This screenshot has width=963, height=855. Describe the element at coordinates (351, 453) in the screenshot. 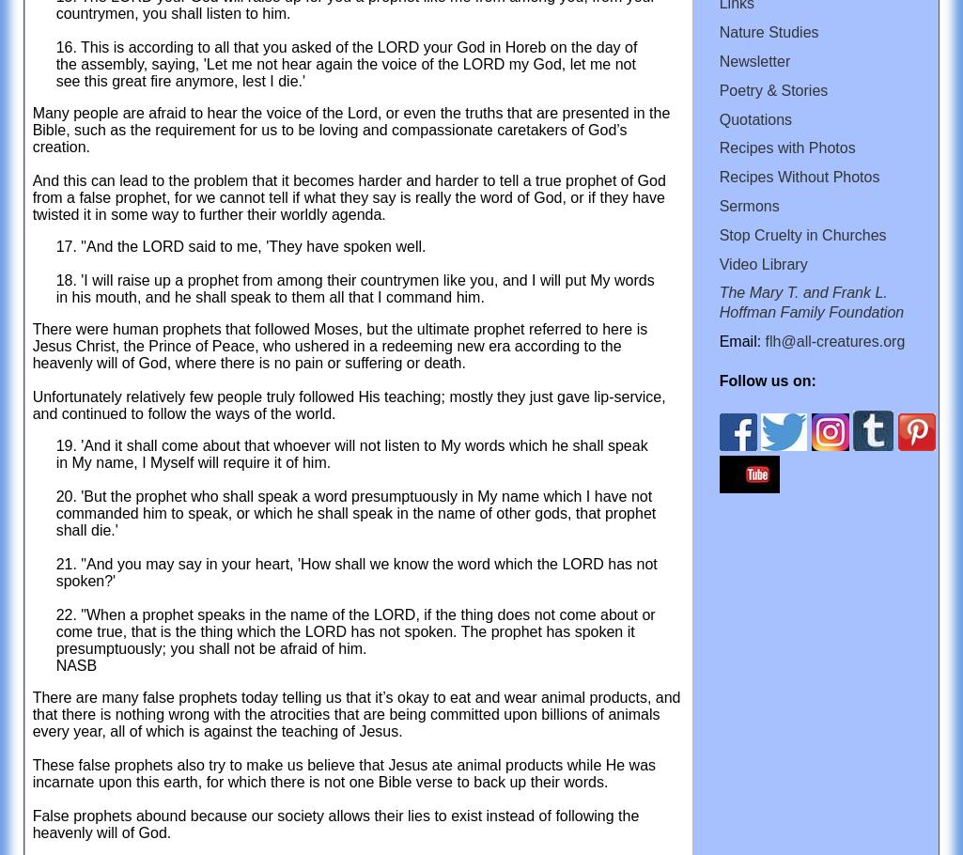

I see `'19. 'And it shall come about that whoever will not listen to My words which 
	he shall speak in My name, I Myself will require it of him.'` at that location.